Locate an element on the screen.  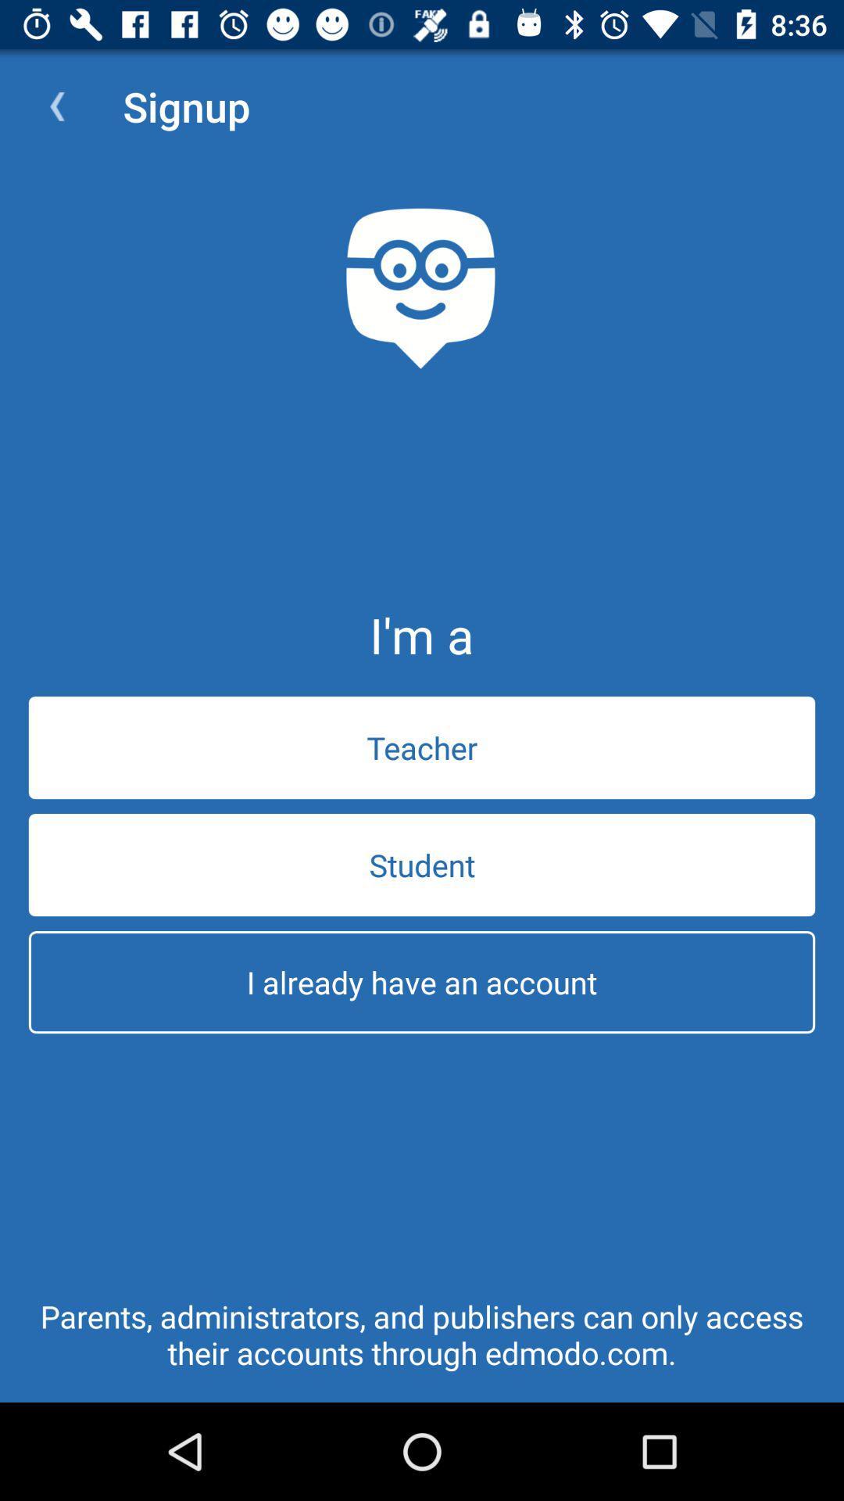
the item below i'm a is located at coordinates (422, 747).